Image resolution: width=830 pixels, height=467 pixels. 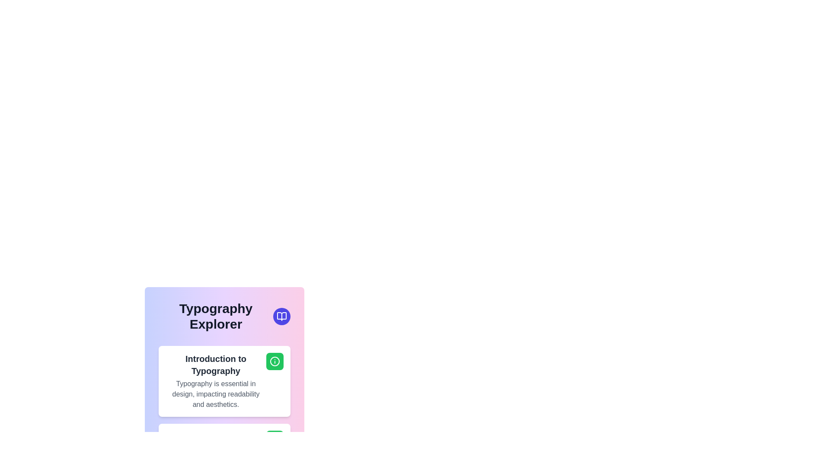 What do you see at coordinates (216, 394) in the screenshot?
I see `text block styled in gray beneath the title 'Introduction to Typography', which provides a brief explanation about typography in design` at bounding box center [216, 394].